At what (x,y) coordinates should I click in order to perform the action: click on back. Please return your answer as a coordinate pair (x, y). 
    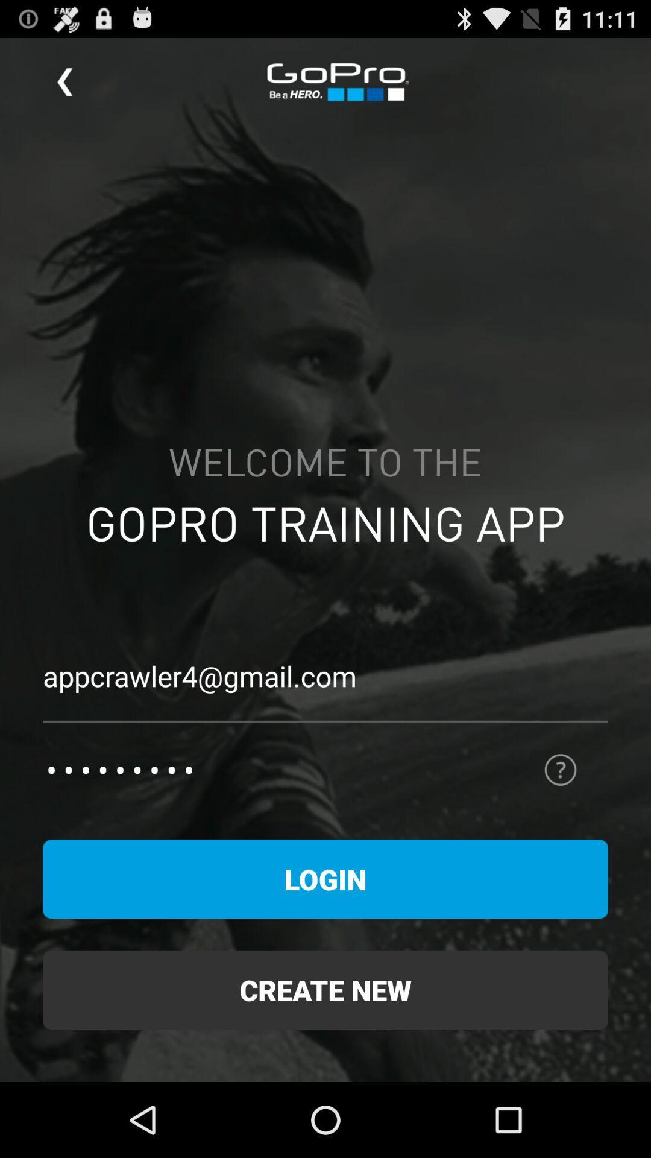
    Looking at the image, I should click on (64, 81).